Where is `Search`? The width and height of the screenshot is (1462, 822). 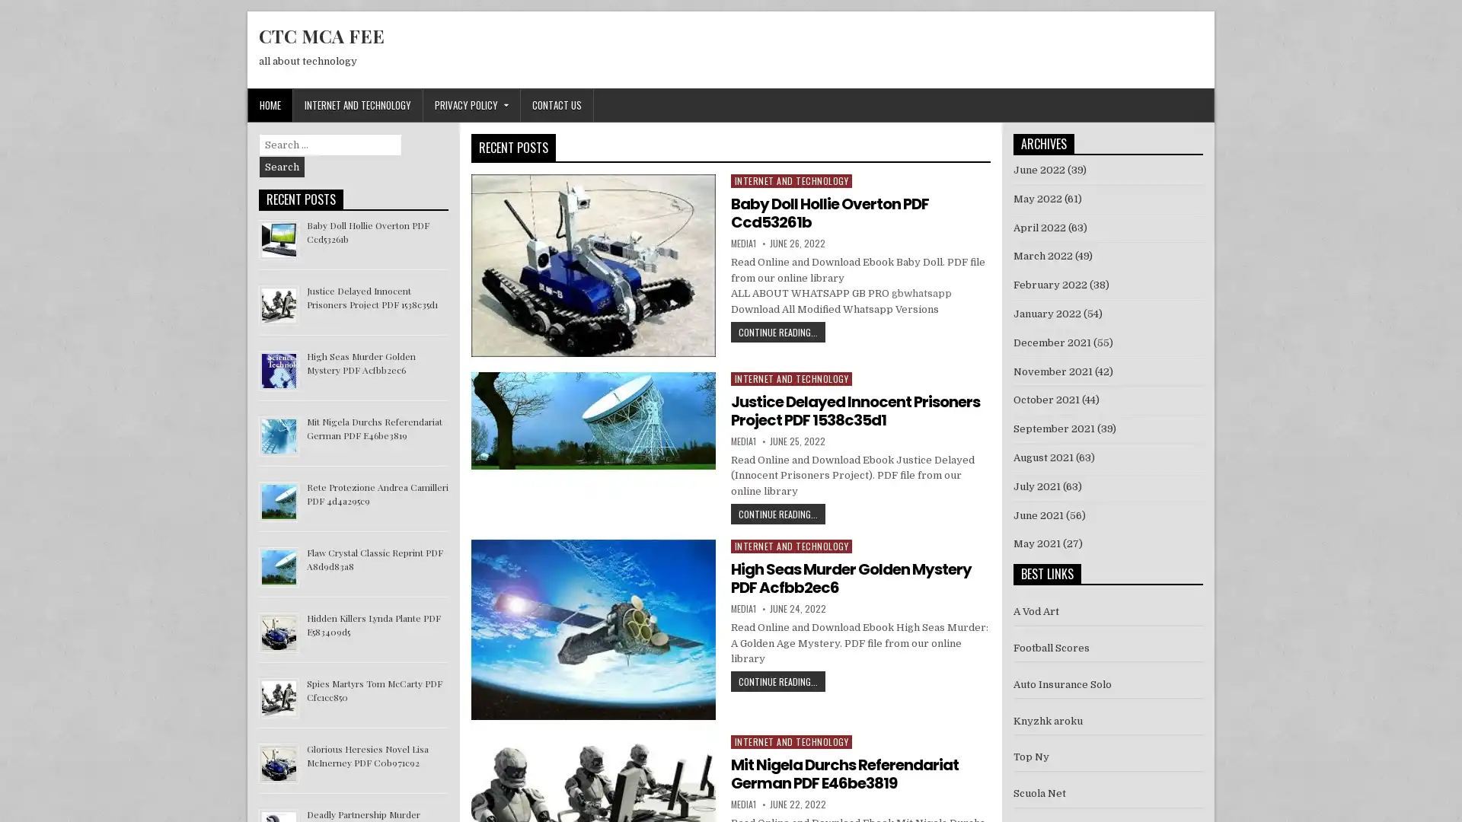
Search is located at coordinates (282, 167).